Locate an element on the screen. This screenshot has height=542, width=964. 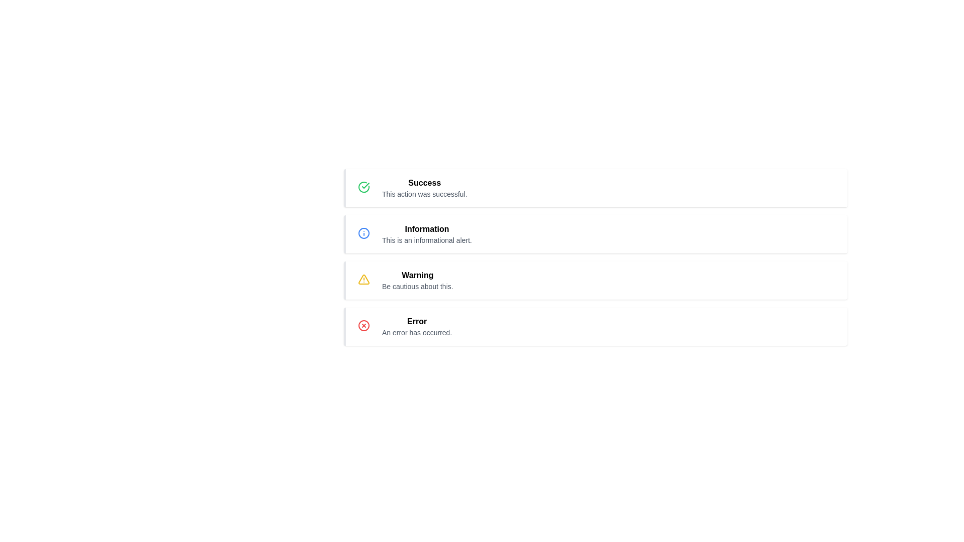
the triangular alert icon with a yellow border located on the leftmost part of the warning row, which aligns vertically with the title 'Warning' is located at coordinates (363, 279).